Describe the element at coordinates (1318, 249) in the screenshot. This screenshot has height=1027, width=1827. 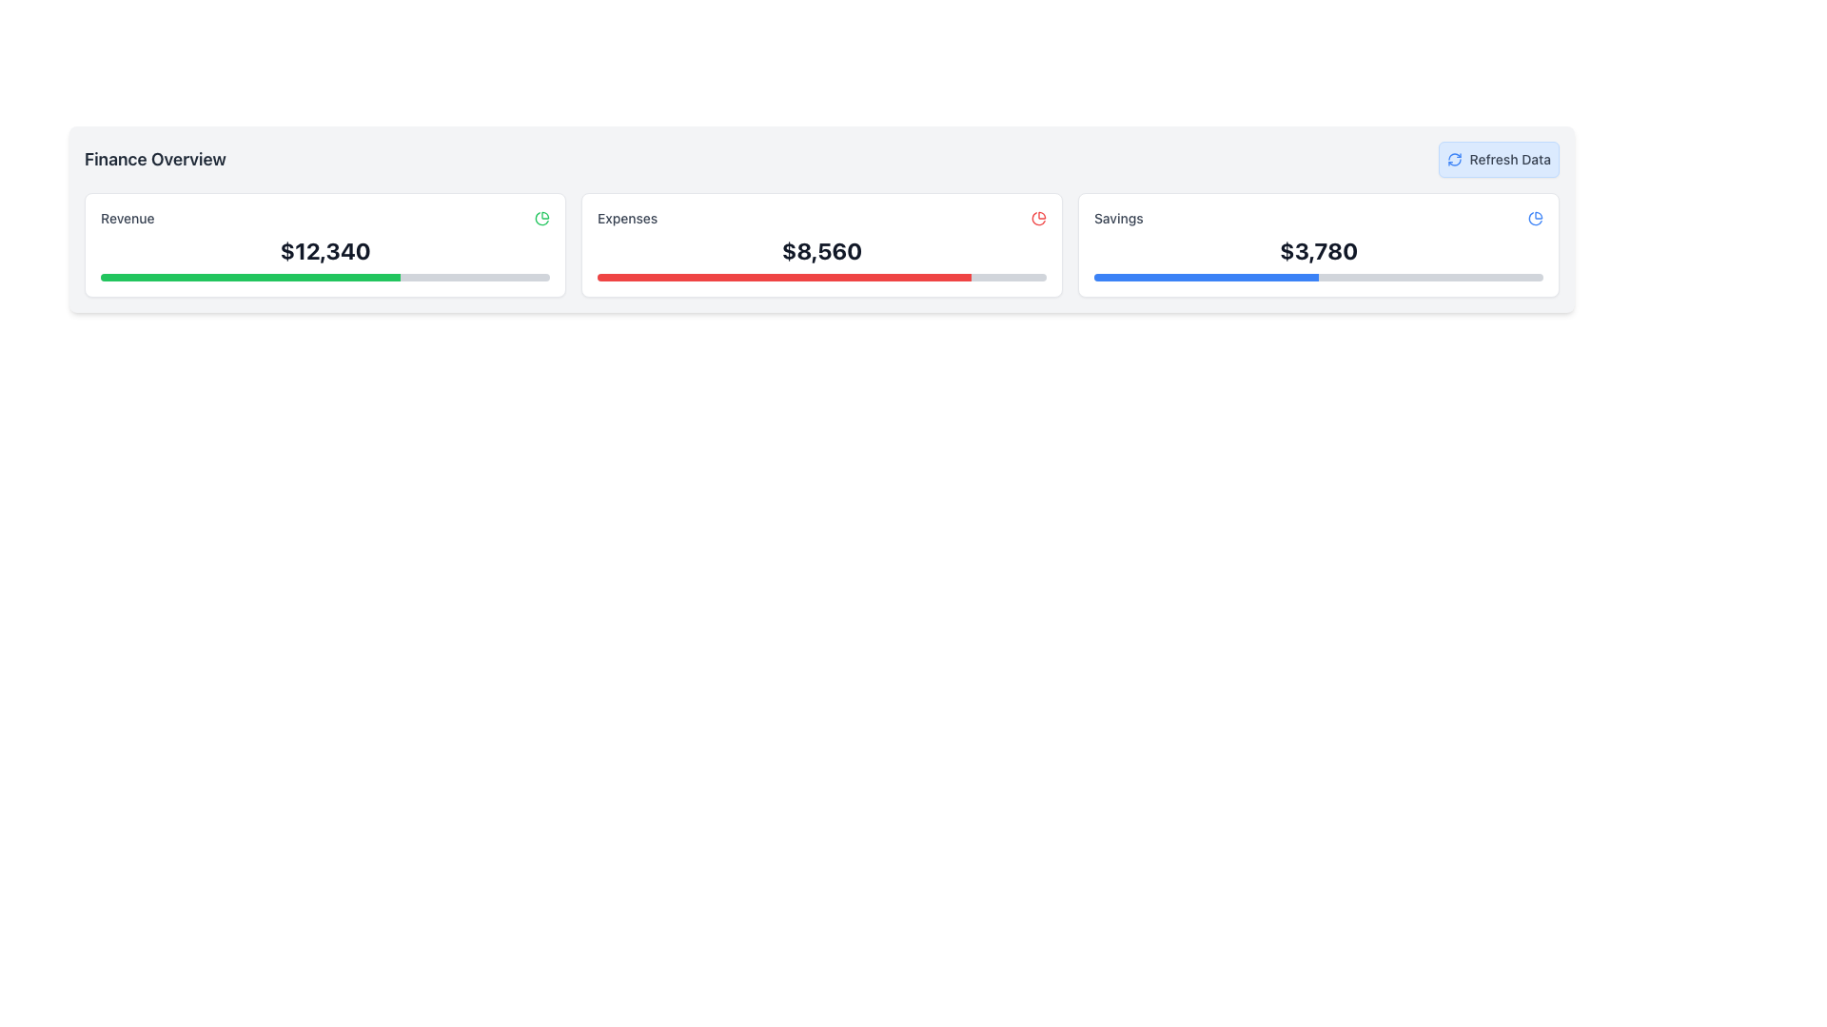
I see `text displayed on the savings amount label located in the center of the third card of the Finance Overview dashboard, which is below the 'Savings' label and above a progress bar` at that location.